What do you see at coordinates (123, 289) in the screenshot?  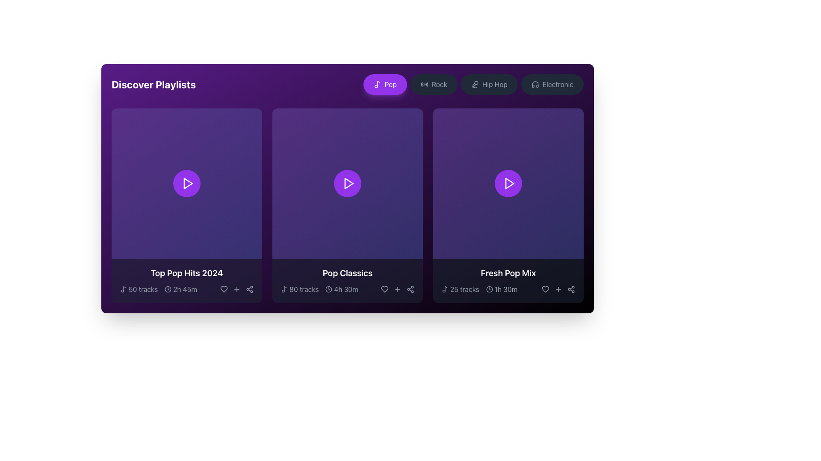 I see `the music icon located on the left side within the '50 tracks' information beneath the 'Top Pop Hits 2024' card in the 'Discover Playlists' section to understand its information` at bounding box center [123, 289].